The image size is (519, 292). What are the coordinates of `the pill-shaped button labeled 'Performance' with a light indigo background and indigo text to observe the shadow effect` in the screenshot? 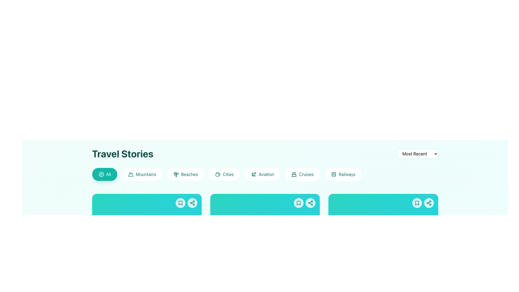 It's located at (116, 180).